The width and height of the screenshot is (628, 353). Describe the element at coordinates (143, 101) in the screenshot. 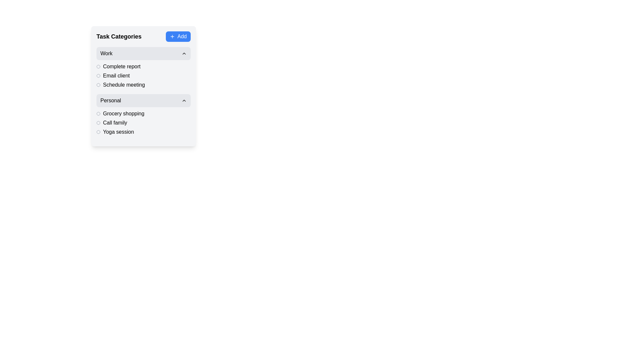

I see `the button` at that location.